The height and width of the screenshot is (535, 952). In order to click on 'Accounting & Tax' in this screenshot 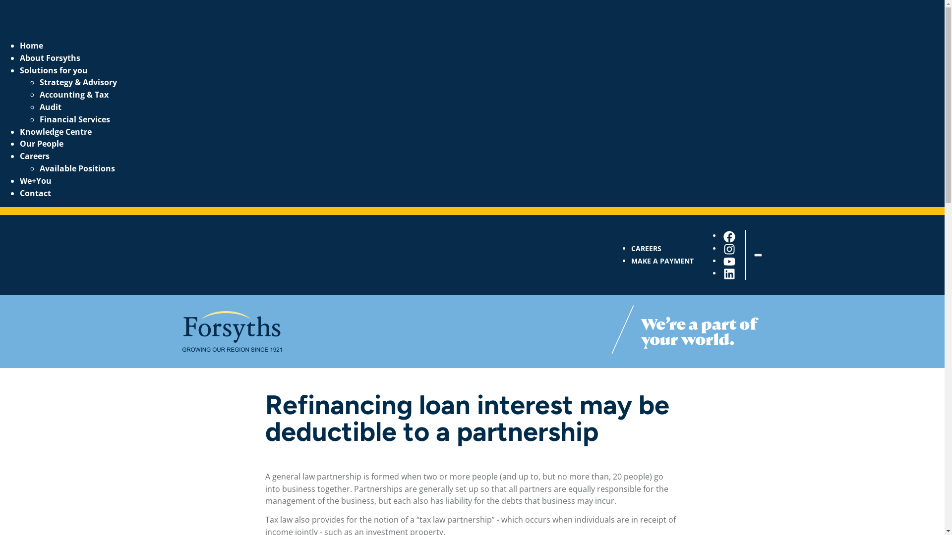, I will do `click(40, 95)`.